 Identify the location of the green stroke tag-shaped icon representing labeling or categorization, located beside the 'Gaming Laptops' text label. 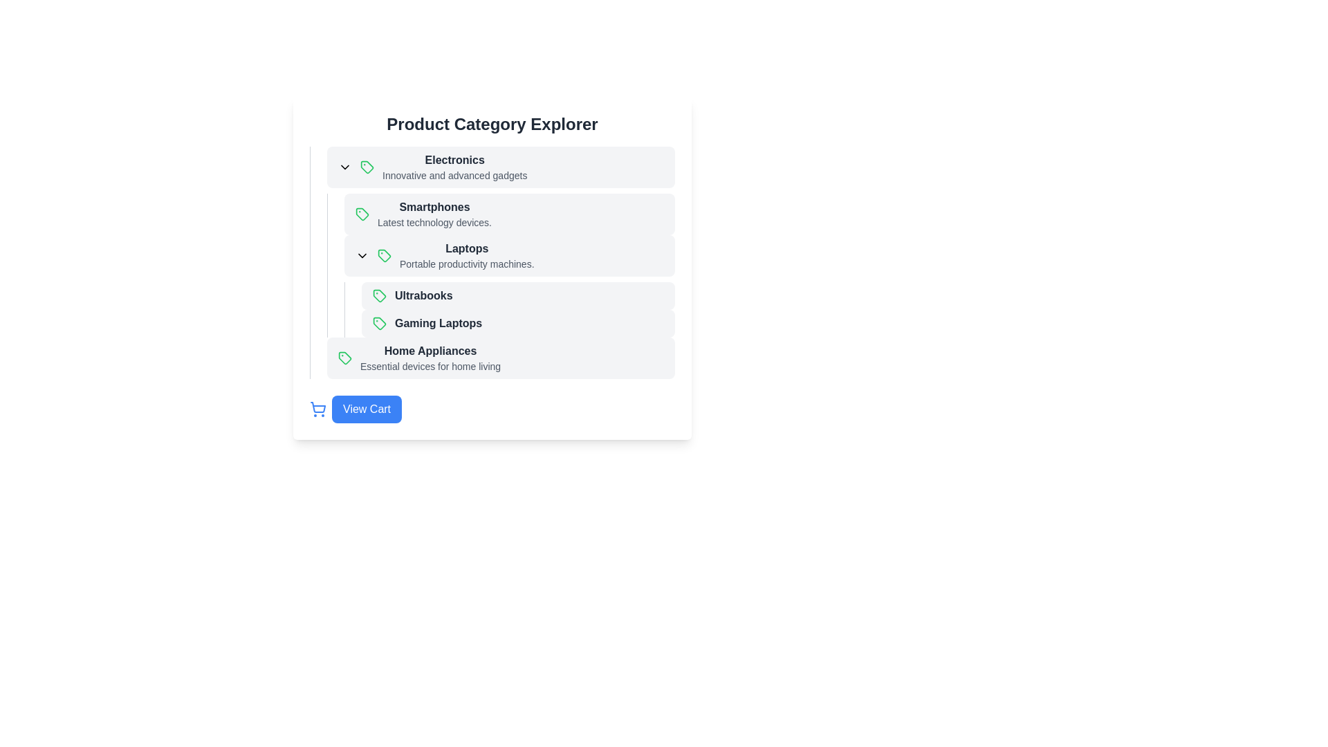
(379, 295).